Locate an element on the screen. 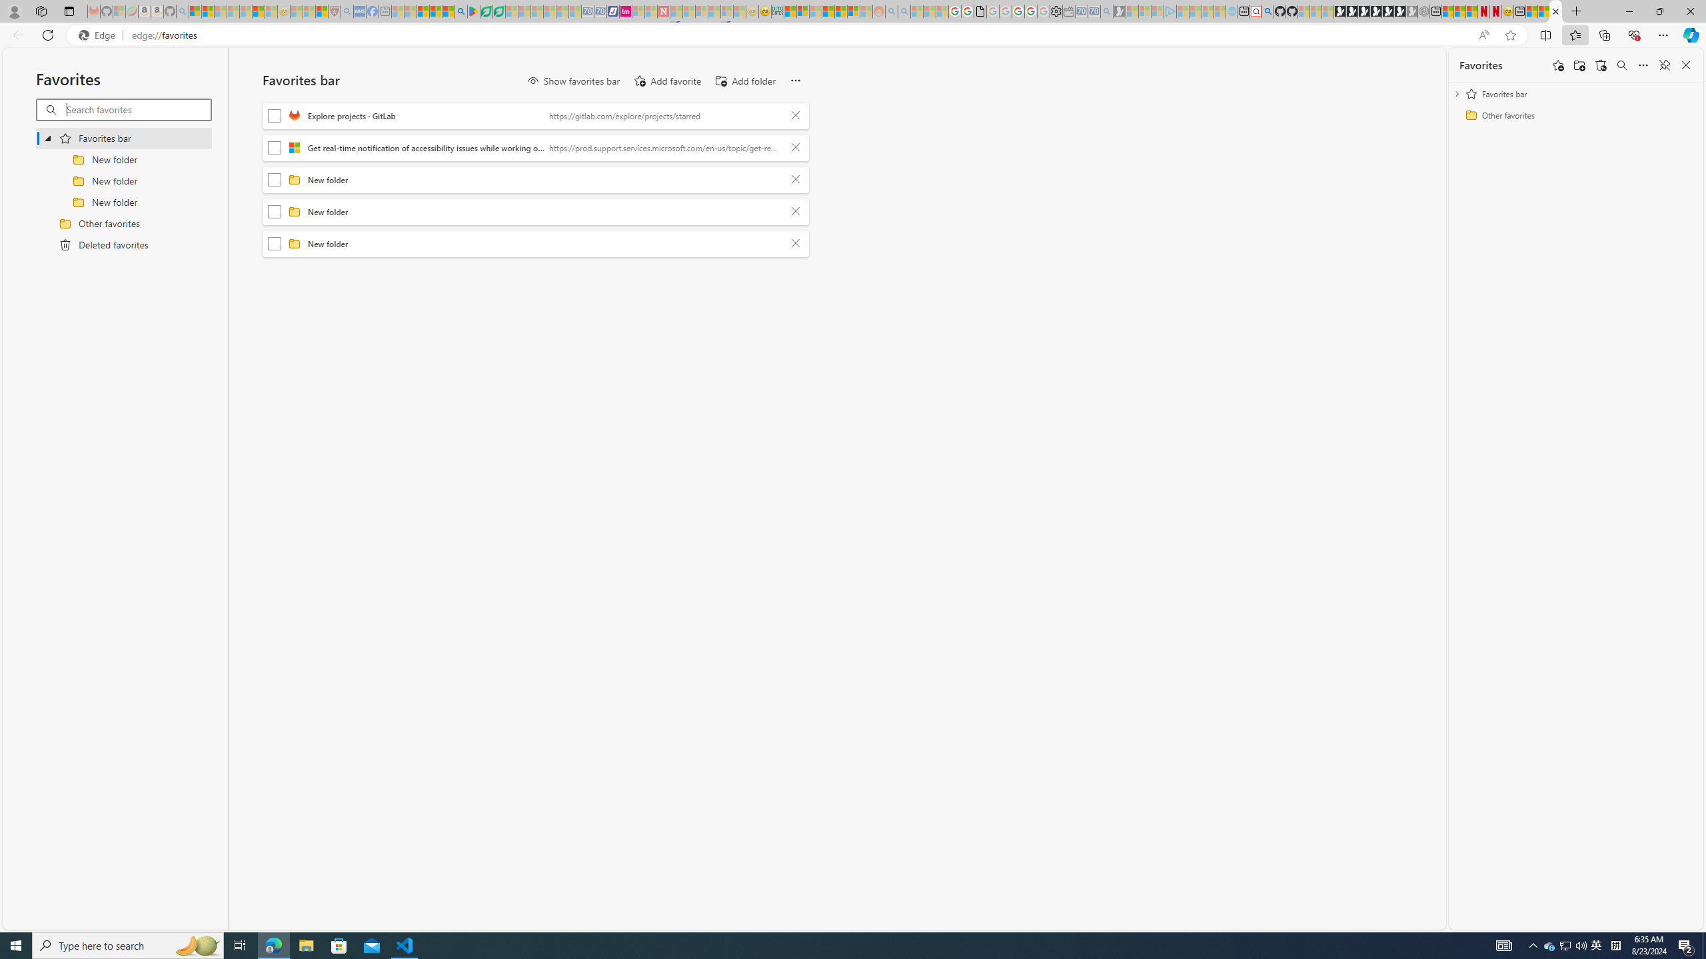 The width and height of the screenshot is (1706, 959). 'New Tab' is located at coordinates (1576, 11).